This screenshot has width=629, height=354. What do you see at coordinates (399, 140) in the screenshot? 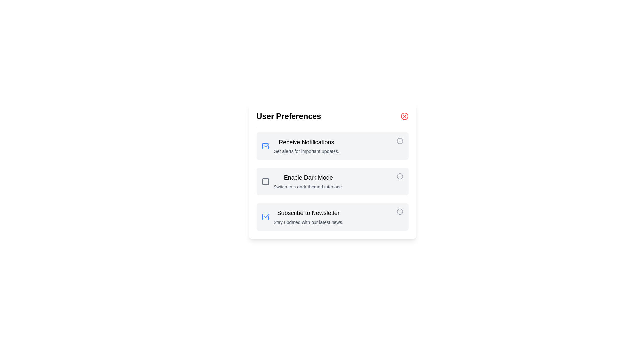
I see `the informational icon, which is an outlined circle with a lowercase 'i' symbol, located in the top-right corner of the 'Receive Notifications' box` at bounding box center [399, 140].